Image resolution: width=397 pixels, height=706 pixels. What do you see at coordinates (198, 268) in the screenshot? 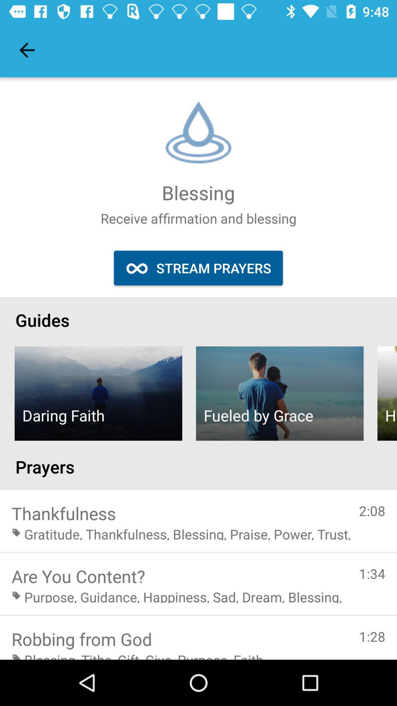
I see `stream prayers icon` at bounding box center [198, 268].